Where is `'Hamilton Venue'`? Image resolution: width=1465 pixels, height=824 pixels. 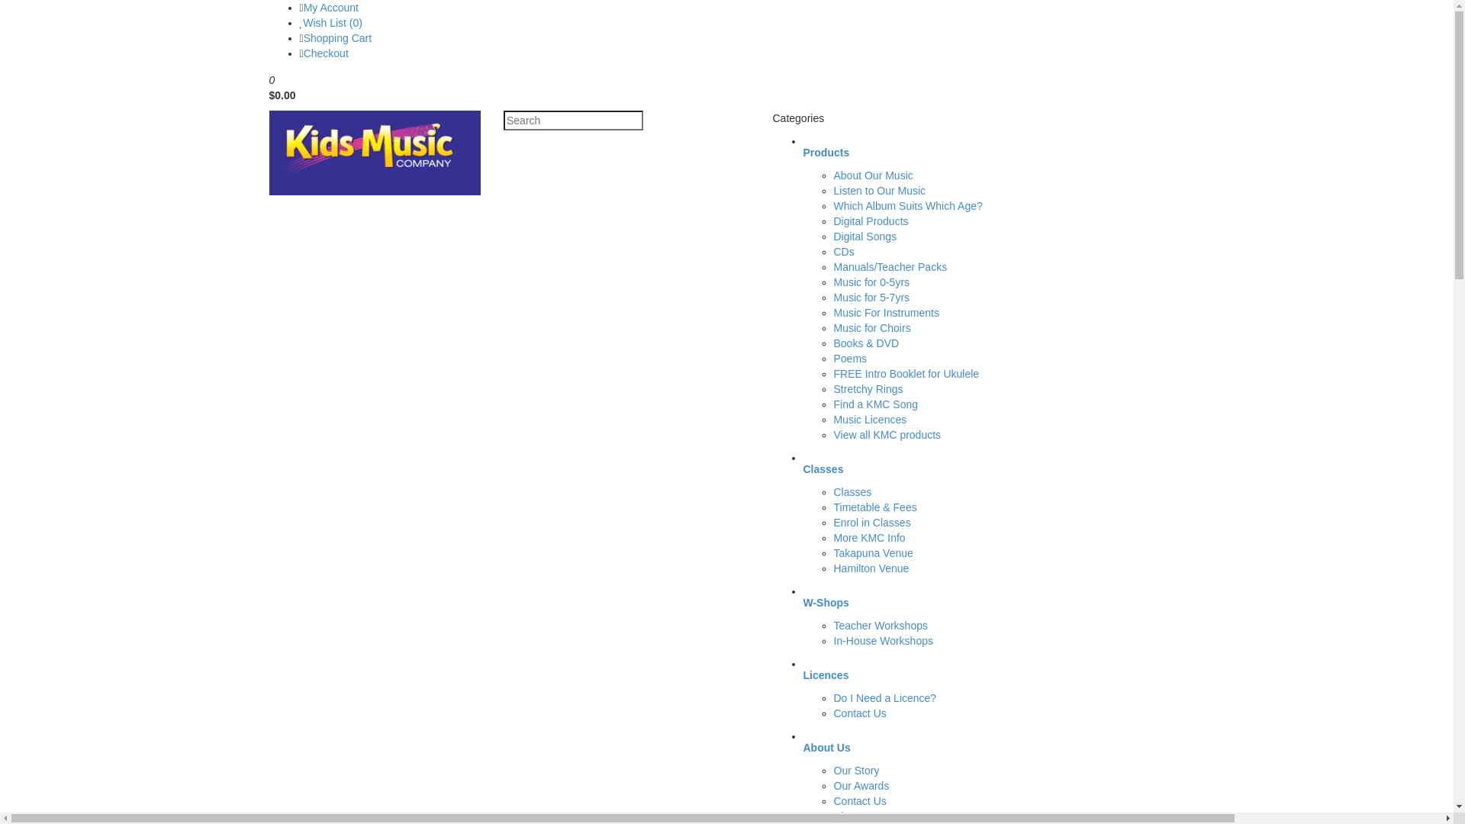
'Hamilton Venue' is located at coordinates (871, 568).